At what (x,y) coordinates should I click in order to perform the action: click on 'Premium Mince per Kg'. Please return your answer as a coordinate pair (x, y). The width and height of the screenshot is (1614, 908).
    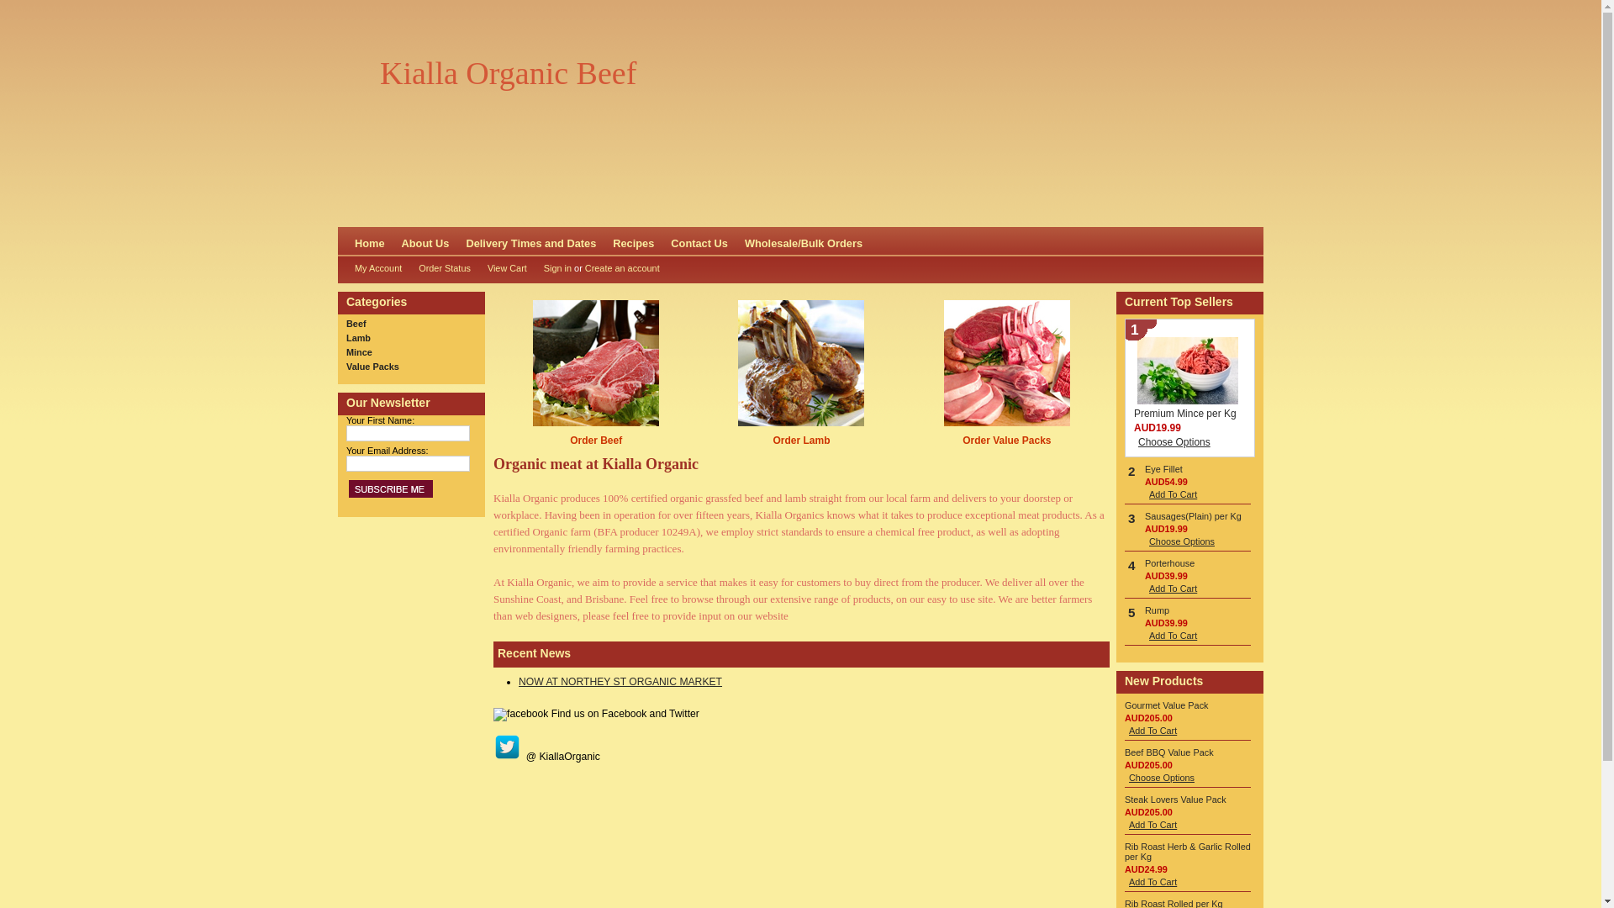
    Looking at the image, I should click on (1184, 414).